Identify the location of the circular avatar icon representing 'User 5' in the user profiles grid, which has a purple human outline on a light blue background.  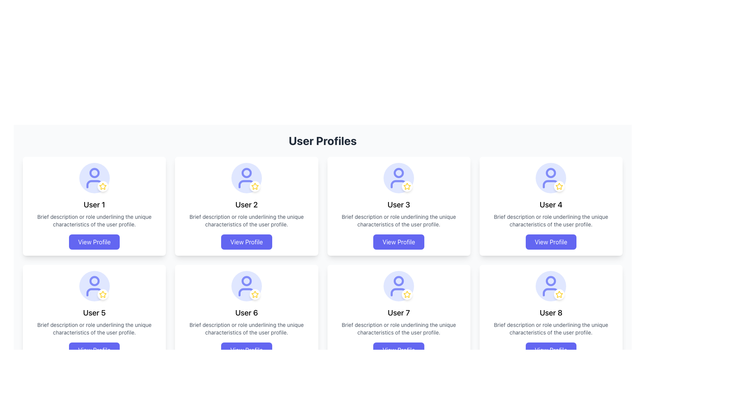
(94, 286).